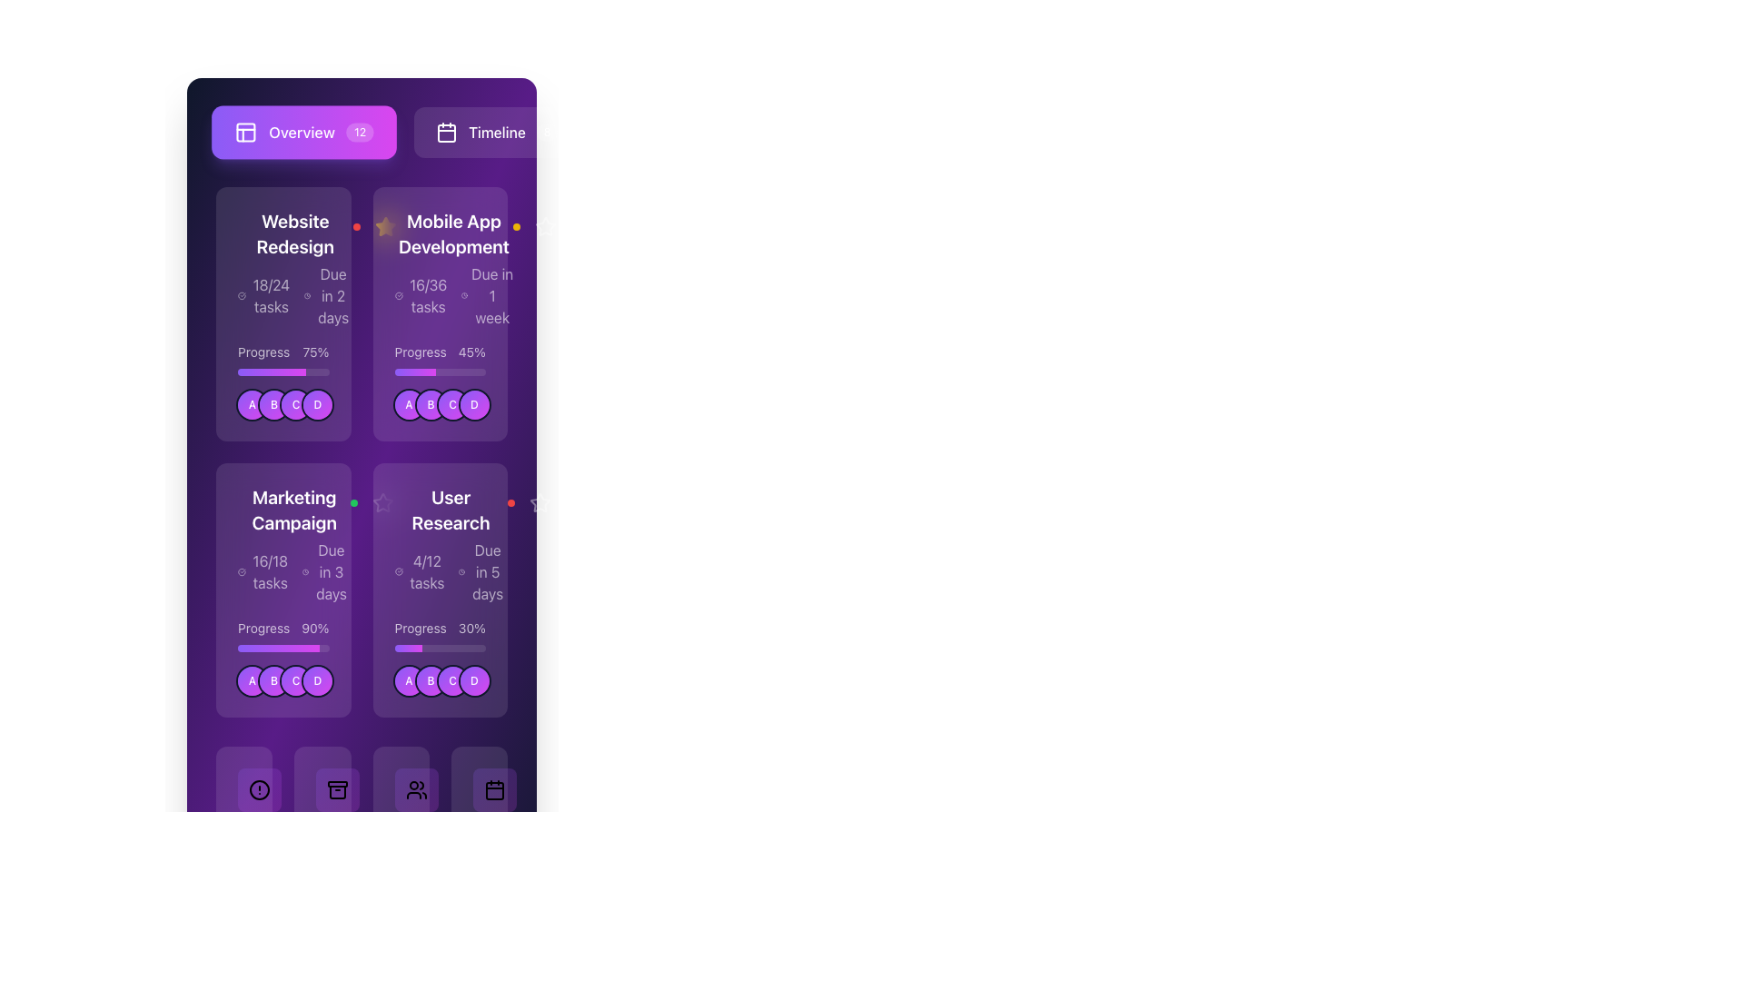  I want to click on the Text label displaying '4/12 tasks' with an associated checked circle icon, located in the 'User Research' block, so click(420, 570).